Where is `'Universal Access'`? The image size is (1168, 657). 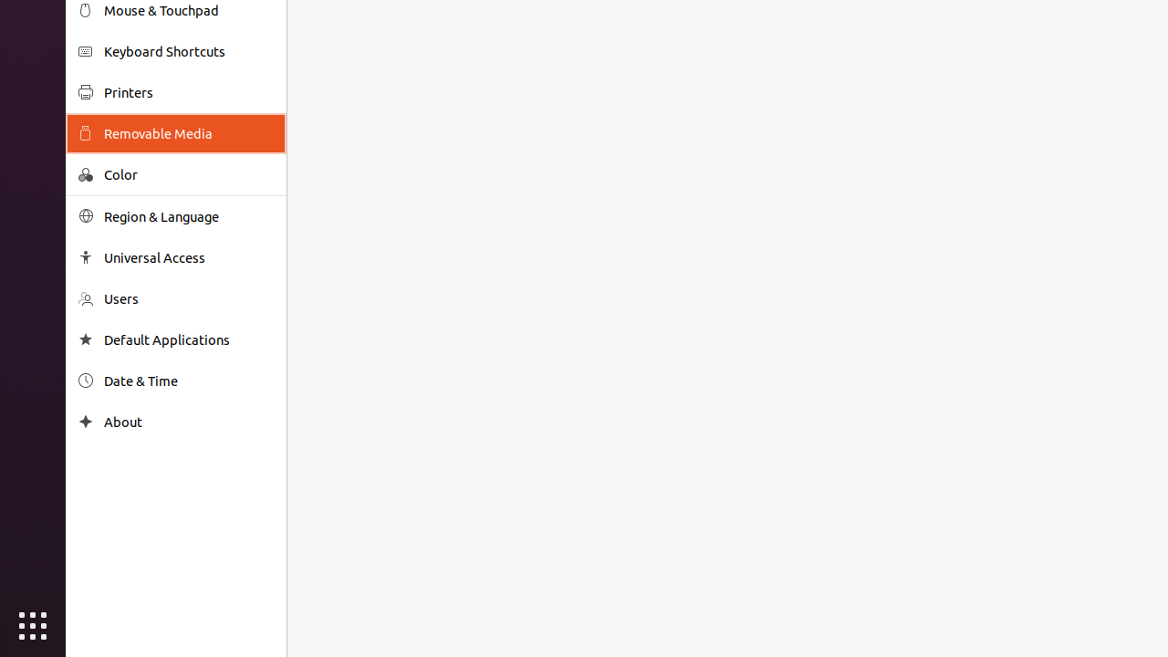 'Universal Access' is located at coordinates (188, 257).